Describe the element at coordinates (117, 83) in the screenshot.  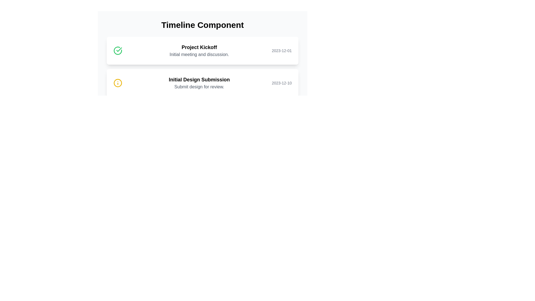
I see `the graphical circle that indicates information or status within the timeline entry for 'Initial Design Submission', located in the yellow icon with an information symbol` at that location.